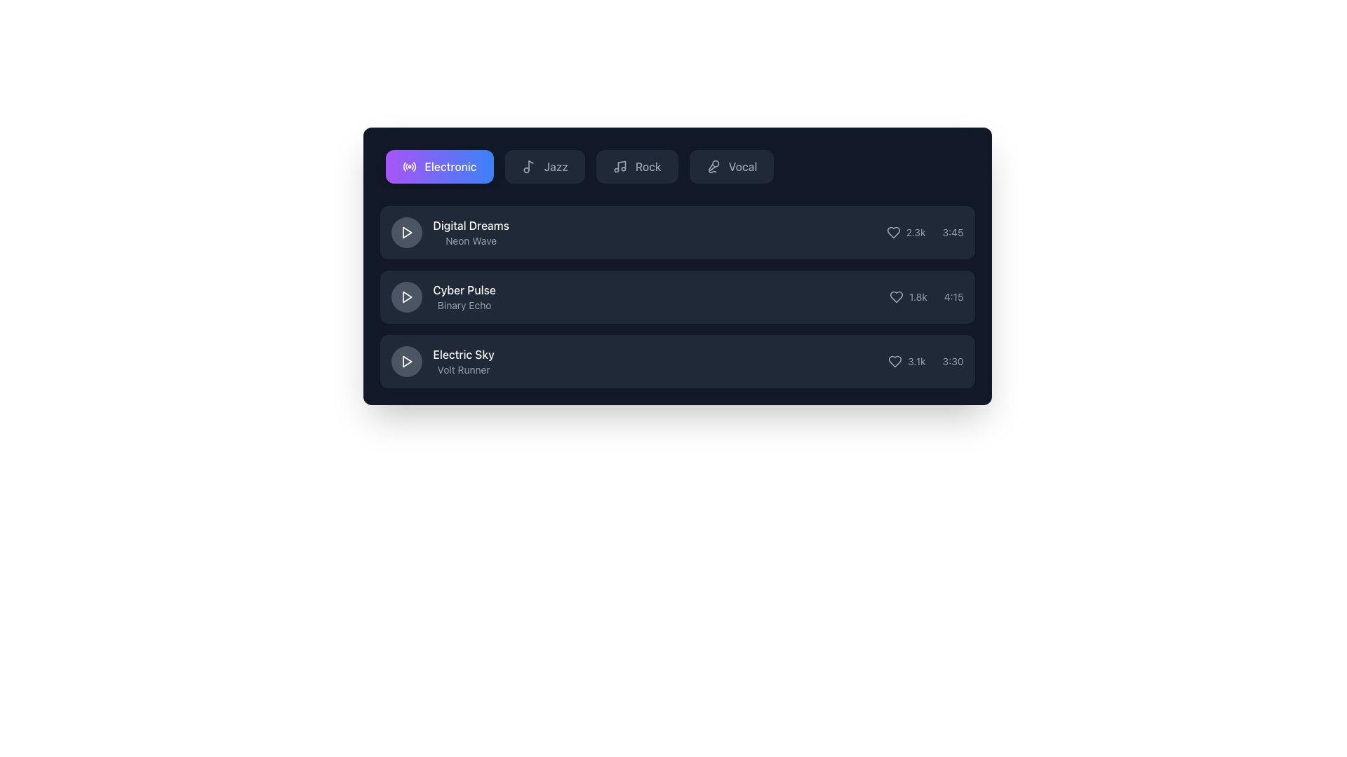 This screenshot has width=1347, height=757. Describe the element at coordinates (406, 296) in the screenshot. I see `the circular play button with a gray background that turns green when hovered, located in the row labeled 'Cyber Pulse' and 'Binary Echo'` at that location.